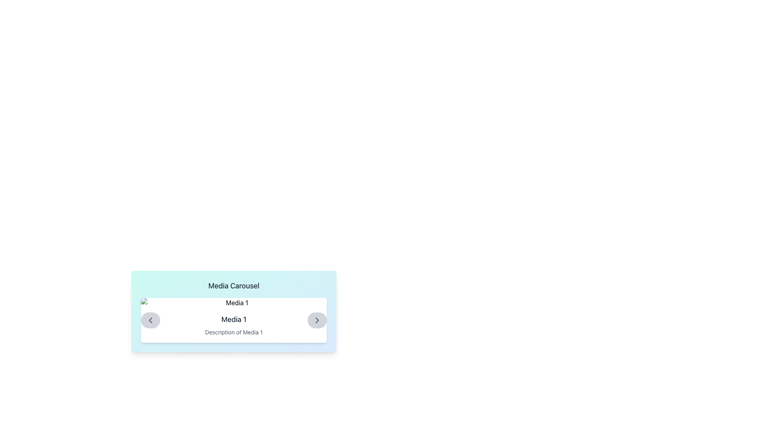  Describe the element at coordinates (150, 320) in the screenshot. I see `the left chevron arrow icon used for navigating to the previous item in the media carousel` at that location.